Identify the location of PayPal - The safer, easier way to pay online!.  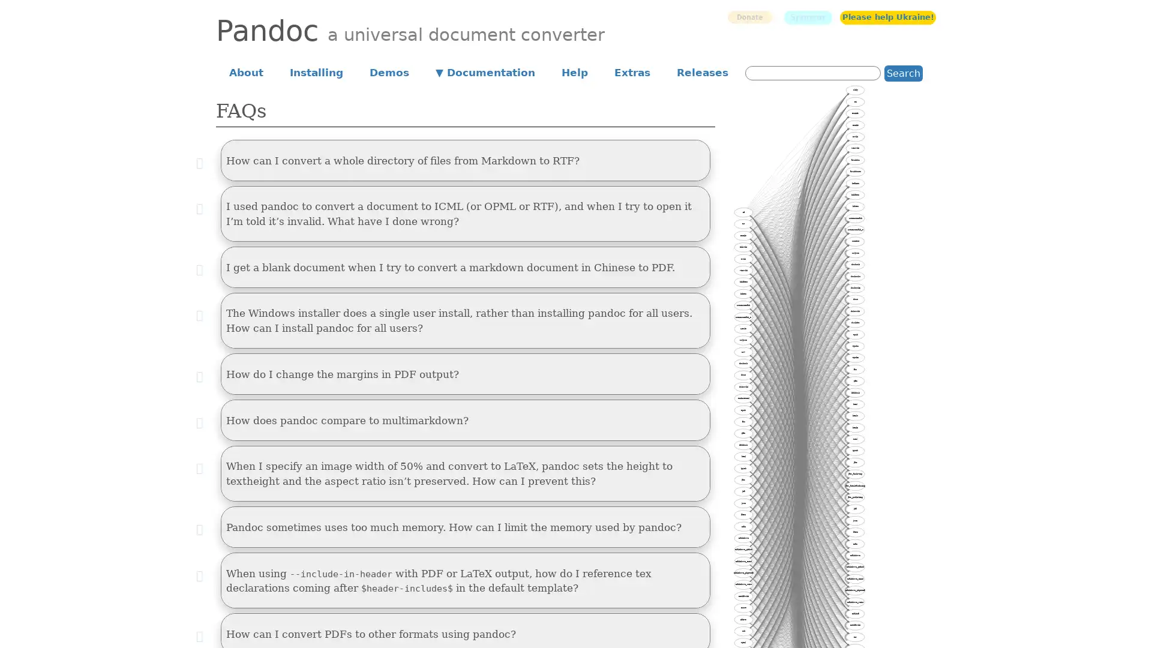
(749, 17).